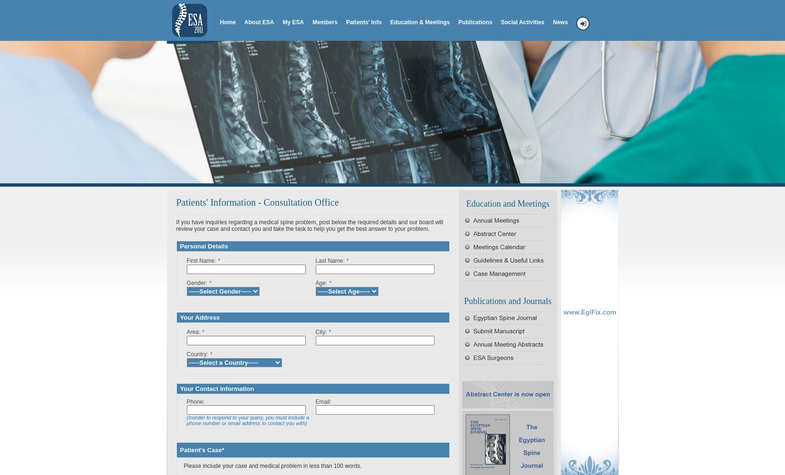 The image size is (785, 475). I want to click on 'Patient's Case', so click(180, 449).